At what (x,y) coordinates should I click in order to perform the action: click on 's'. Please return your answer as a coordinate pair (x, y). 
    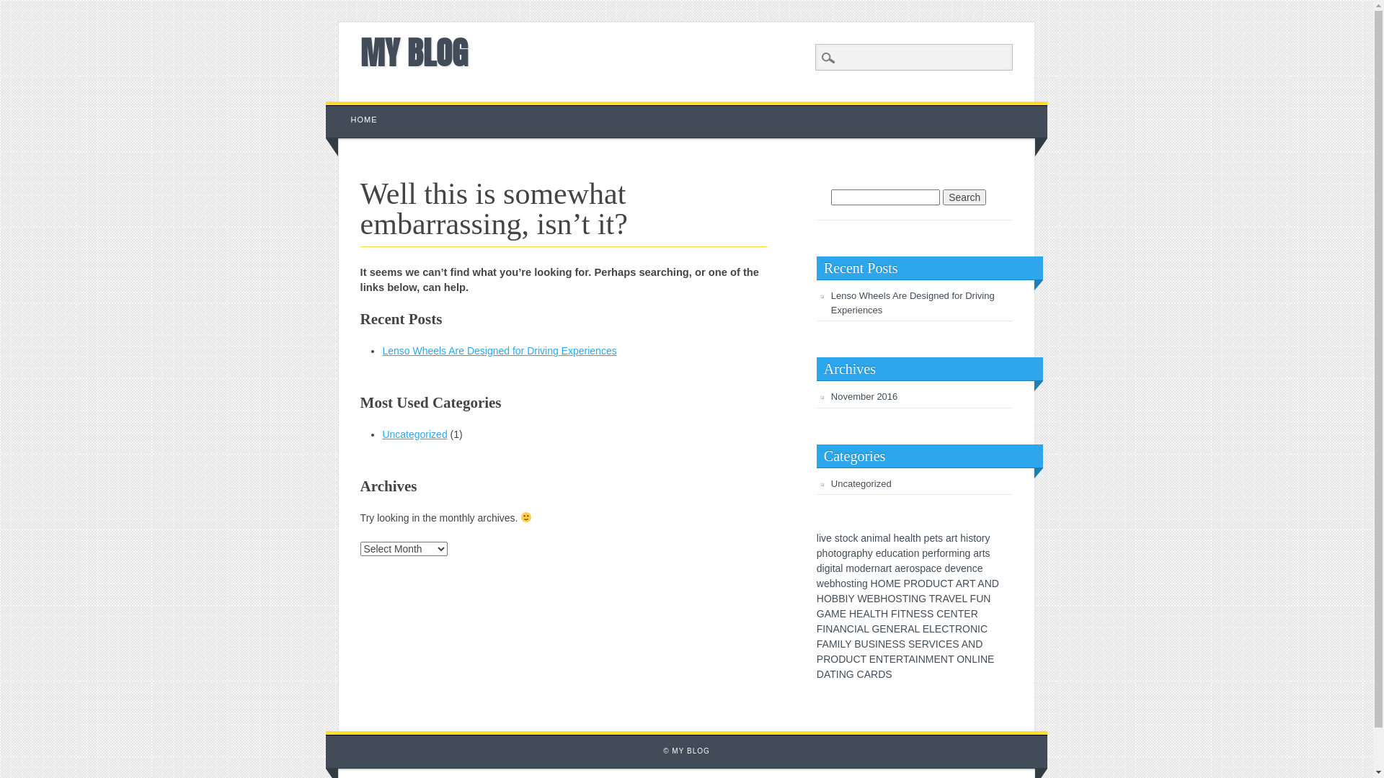
    Looking at the image, I should click on (940, 538).